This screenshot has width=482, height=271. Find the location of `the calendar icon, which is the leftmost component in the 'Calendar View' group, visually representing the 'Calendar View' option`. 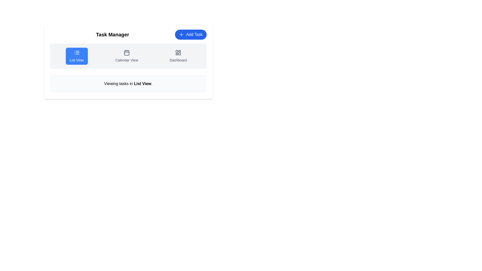

the calendar icon, which is the leftmost component in the 'Calendar View' group, visually representing the 'Calendar View' option is located at coordinates (127, 52).